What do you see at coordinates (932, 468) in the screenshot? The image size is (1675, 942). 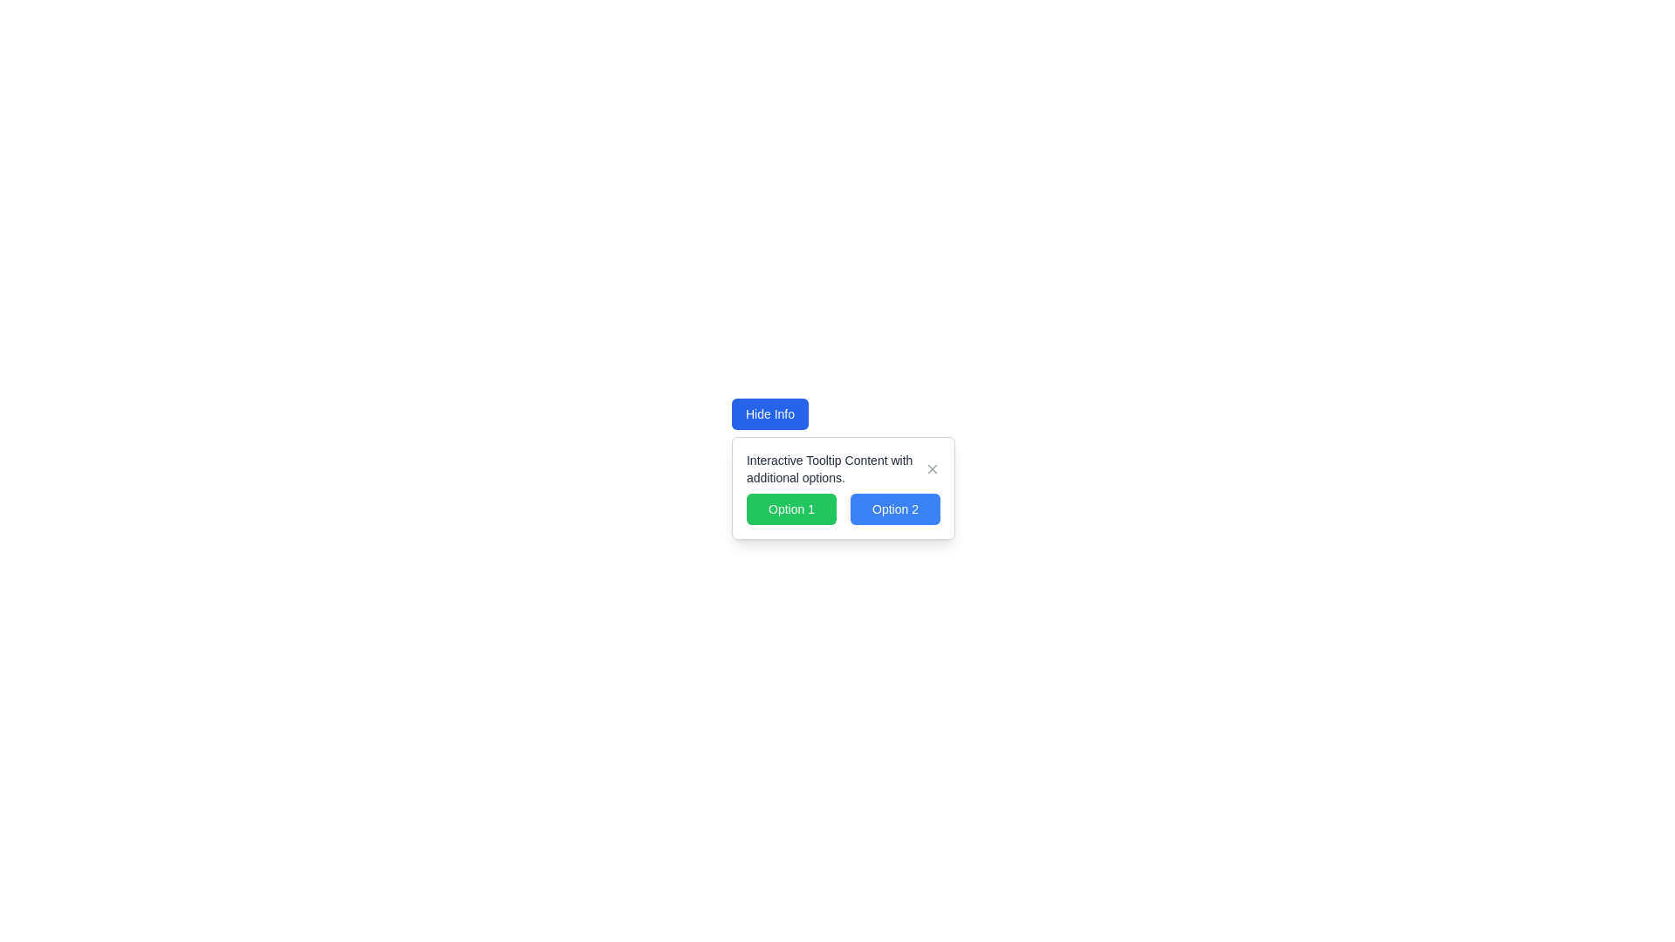 I see `the close icon (SVG Graphic) located at the top-right of the white content box` at bounding box center [932, 468].